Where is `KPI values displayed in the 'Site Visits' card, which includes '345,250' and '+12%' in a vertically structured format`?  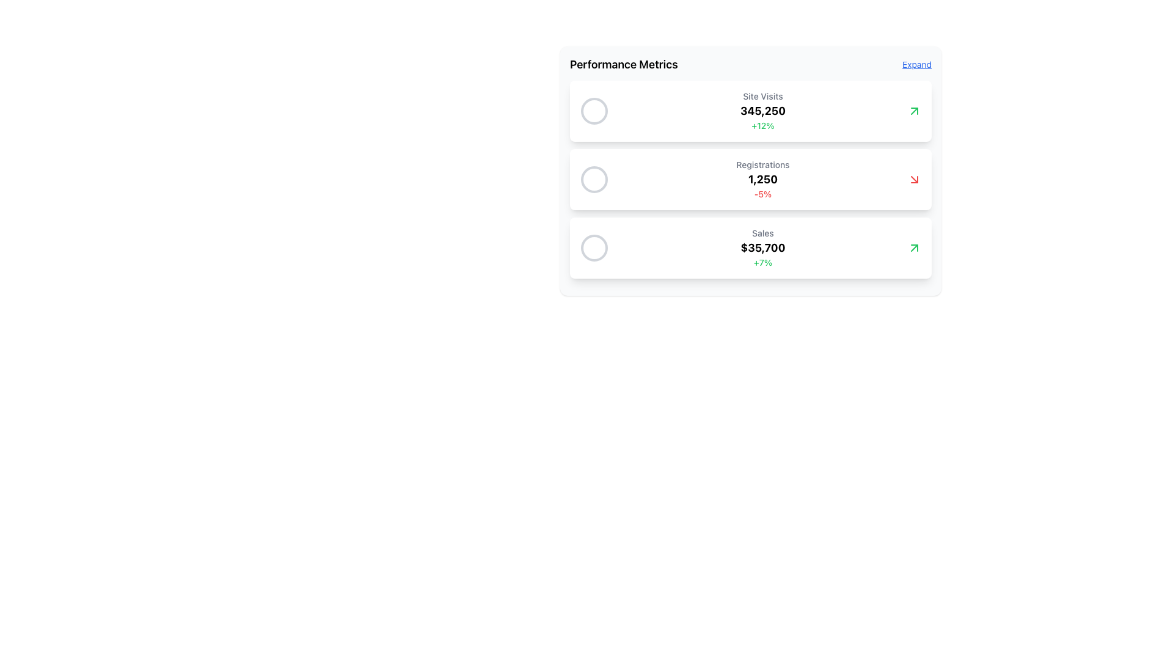 KPI values displayed in the 'Site Visits' card, which includes '345,250' and '+12%' in a vertically structured format is located at coordinates (762, 111).